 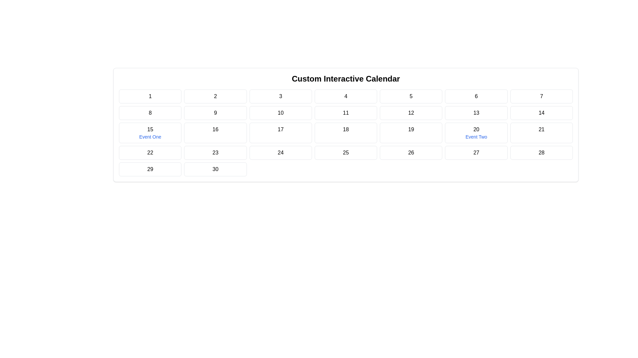 I want to click on the non-interactive calendar day cell displaying the number '5' in the first row, fifth column of the calendar grid, so click(x=411, y=96).